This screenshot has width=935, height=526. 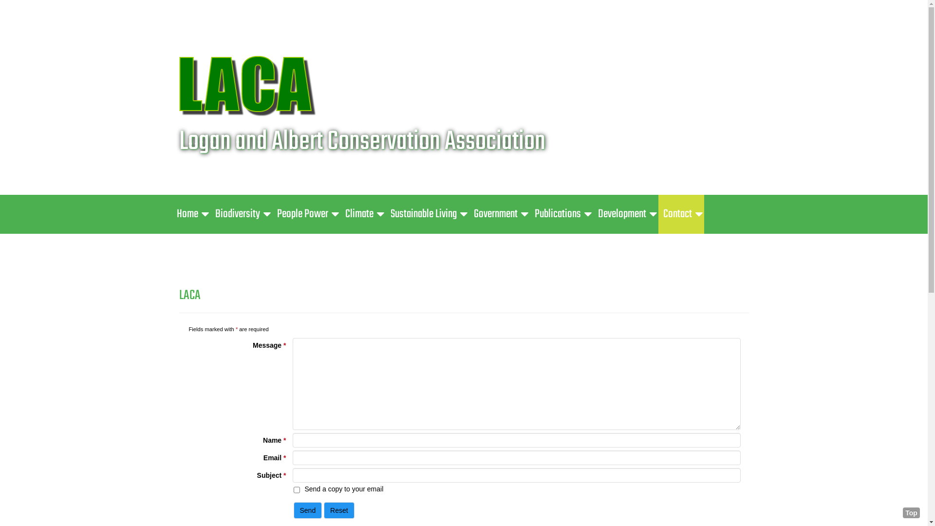 What do you see at coordinates (339, 510) in the screenshot?
I see `'Reset'` at bounding box center [339, 510].